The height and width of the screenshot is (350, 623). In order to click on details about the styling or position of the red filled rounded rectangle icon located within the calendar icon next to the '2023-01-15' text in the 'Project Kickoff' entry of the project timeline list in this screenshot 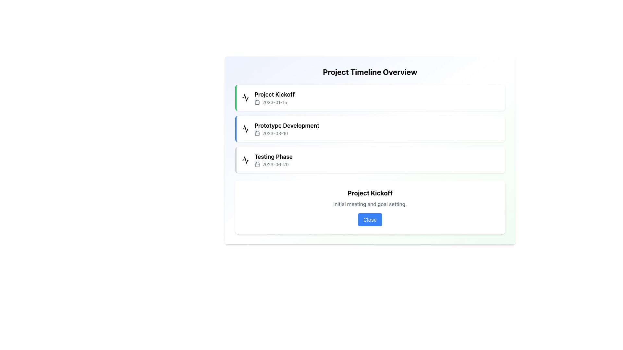, I will do `click(257, 102)`.